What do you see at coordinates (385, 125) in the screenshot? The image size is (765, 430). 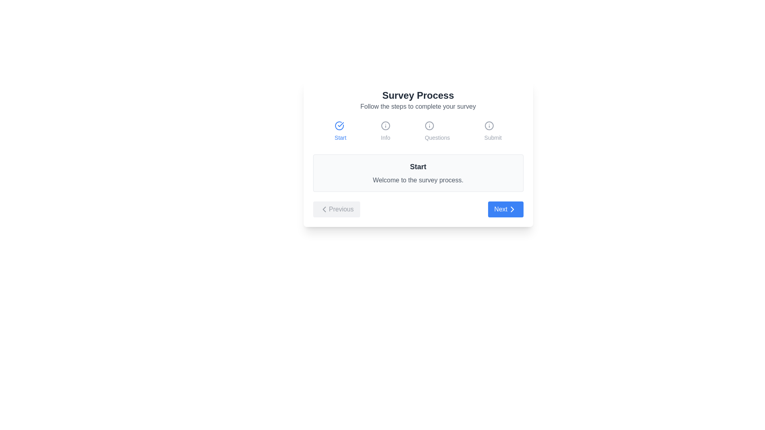 I see `the circular 'Info' icon located at the top center of the content card under the text 'Follow the steps` at bounding box center [385, 125].